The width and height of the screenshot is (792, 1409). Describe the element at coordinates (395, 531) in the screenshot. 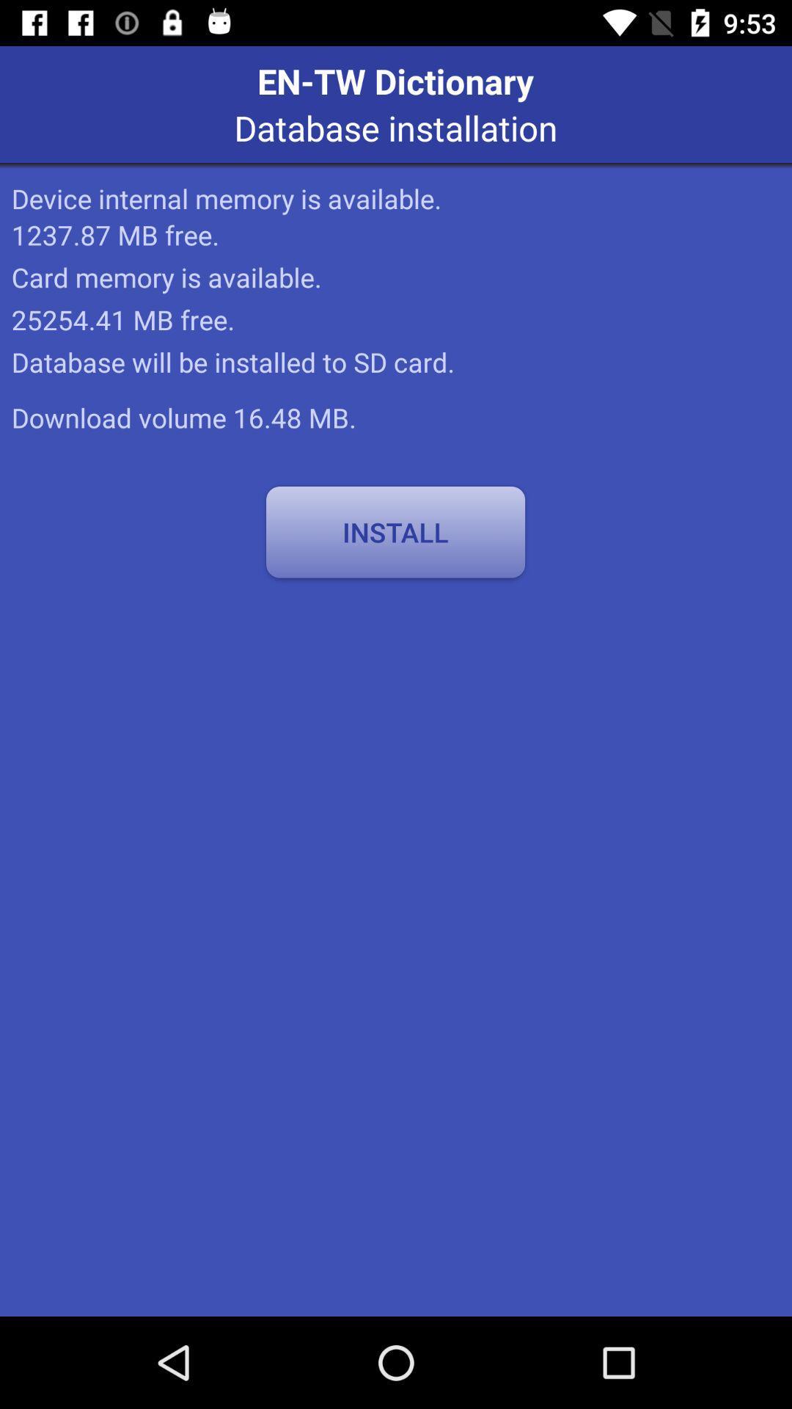

I see `the item below download volume 16 icon` at that location.